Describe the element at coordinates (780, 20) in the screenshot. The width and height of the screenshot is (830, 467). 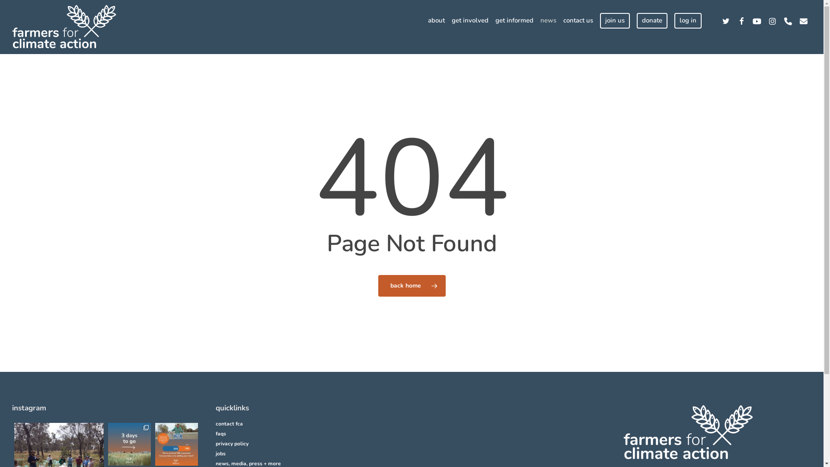
I see `'phone'` at that location.